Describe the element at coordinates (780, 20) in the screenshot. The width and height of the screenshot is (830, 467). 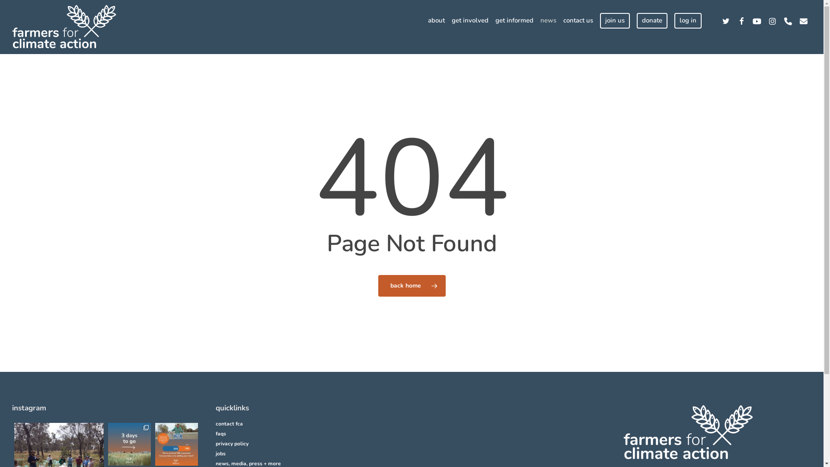
I see `'phone'` at that location.